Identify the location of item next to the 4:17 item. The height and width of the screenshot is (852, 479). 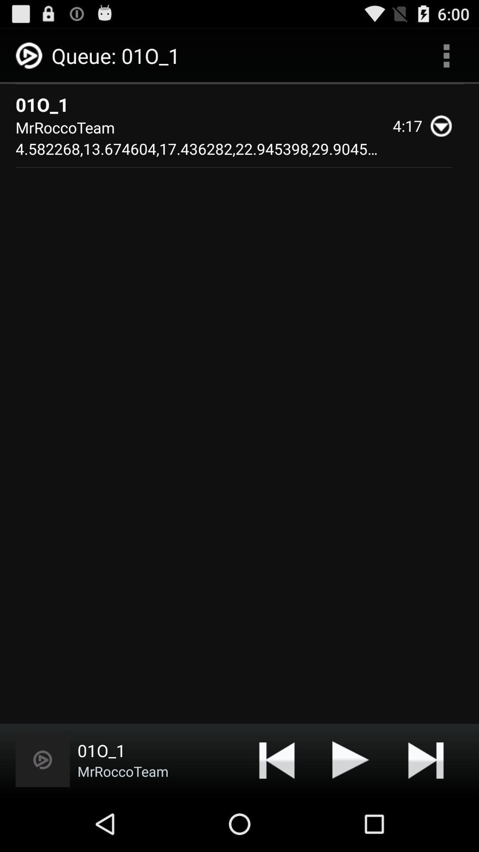
(445, 125).